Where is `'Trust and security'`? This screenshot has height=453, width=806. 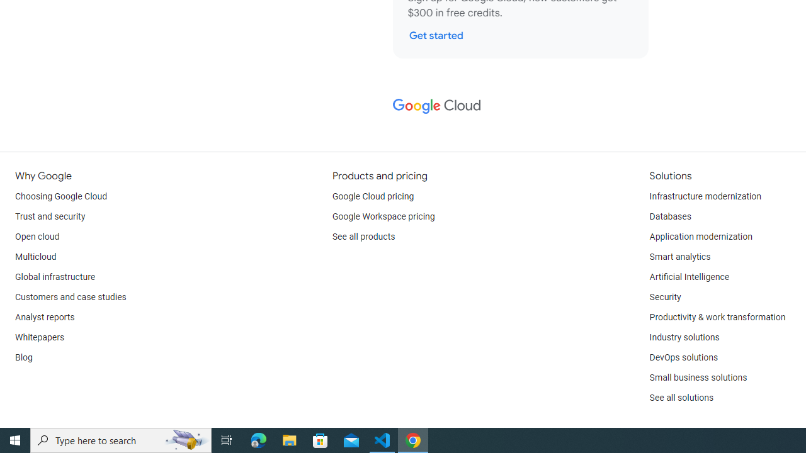
'Trust and security' is located at coordinates (50, 216).